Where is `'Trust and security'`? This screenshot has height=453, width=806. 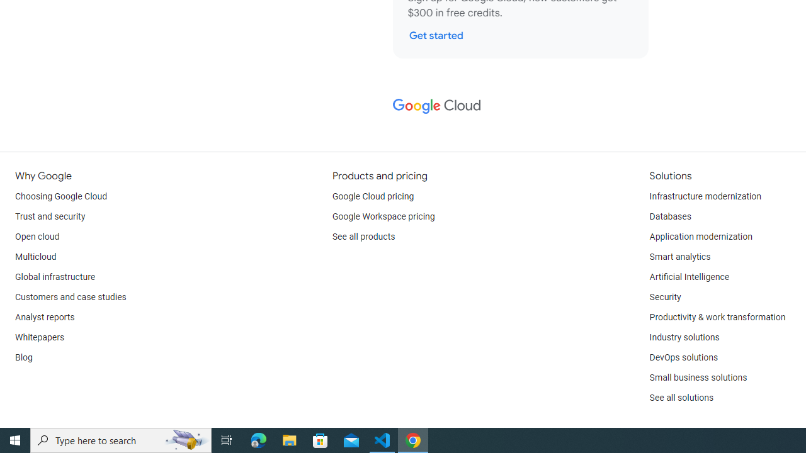
'Trust and security' is located at coordinates (50, 216).